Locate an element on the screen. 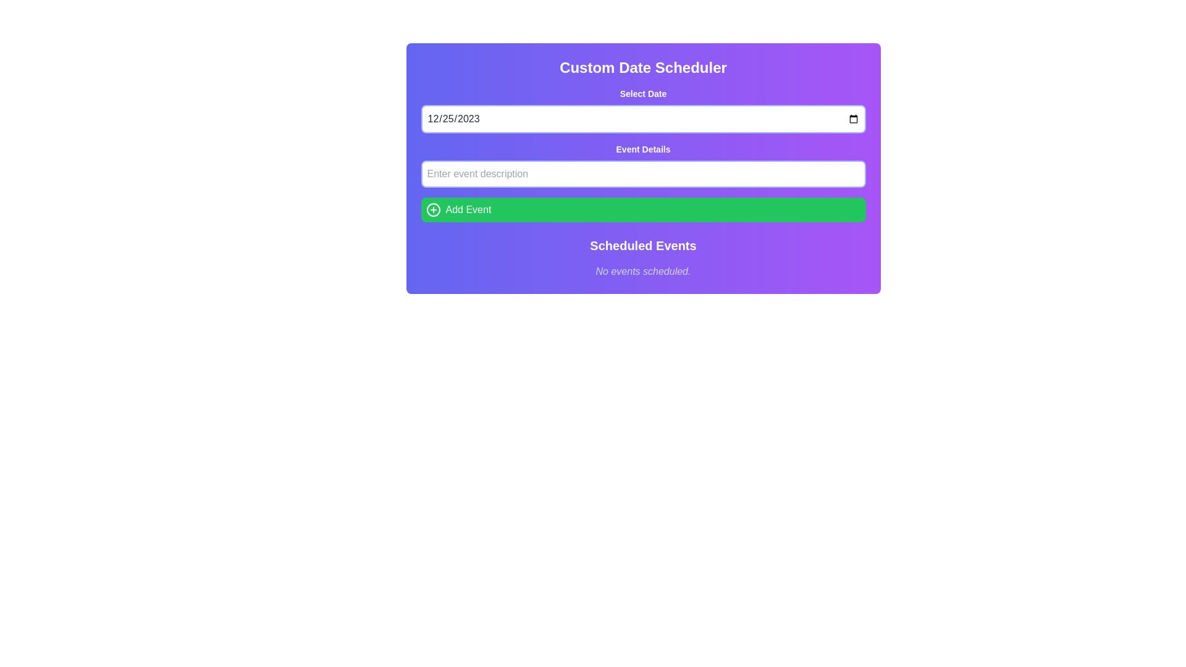  the Text Label that introduces the event description input field, which is centrally aligned above the input box is located at coordinates (642, 149).